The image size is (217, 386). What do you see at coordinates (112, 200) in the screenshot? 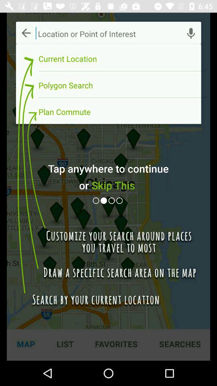
I see `tap to continue` at bounding box center [112, 200].